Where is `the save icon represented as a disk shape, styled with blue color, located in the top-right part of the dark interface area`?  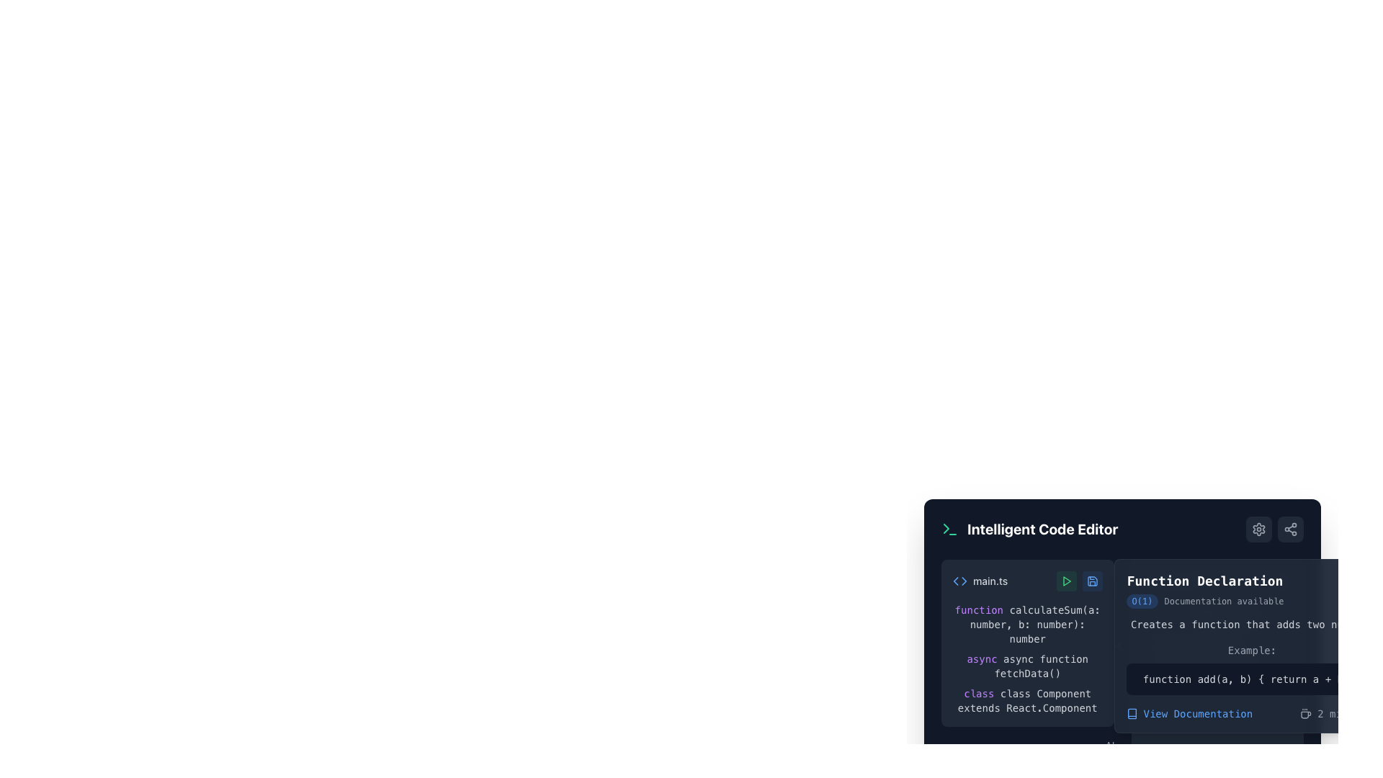 the save icon represented as a disk shape, styled with blue color, located in the top-right part of the dark interface area is located at coordinates (1092, 580).